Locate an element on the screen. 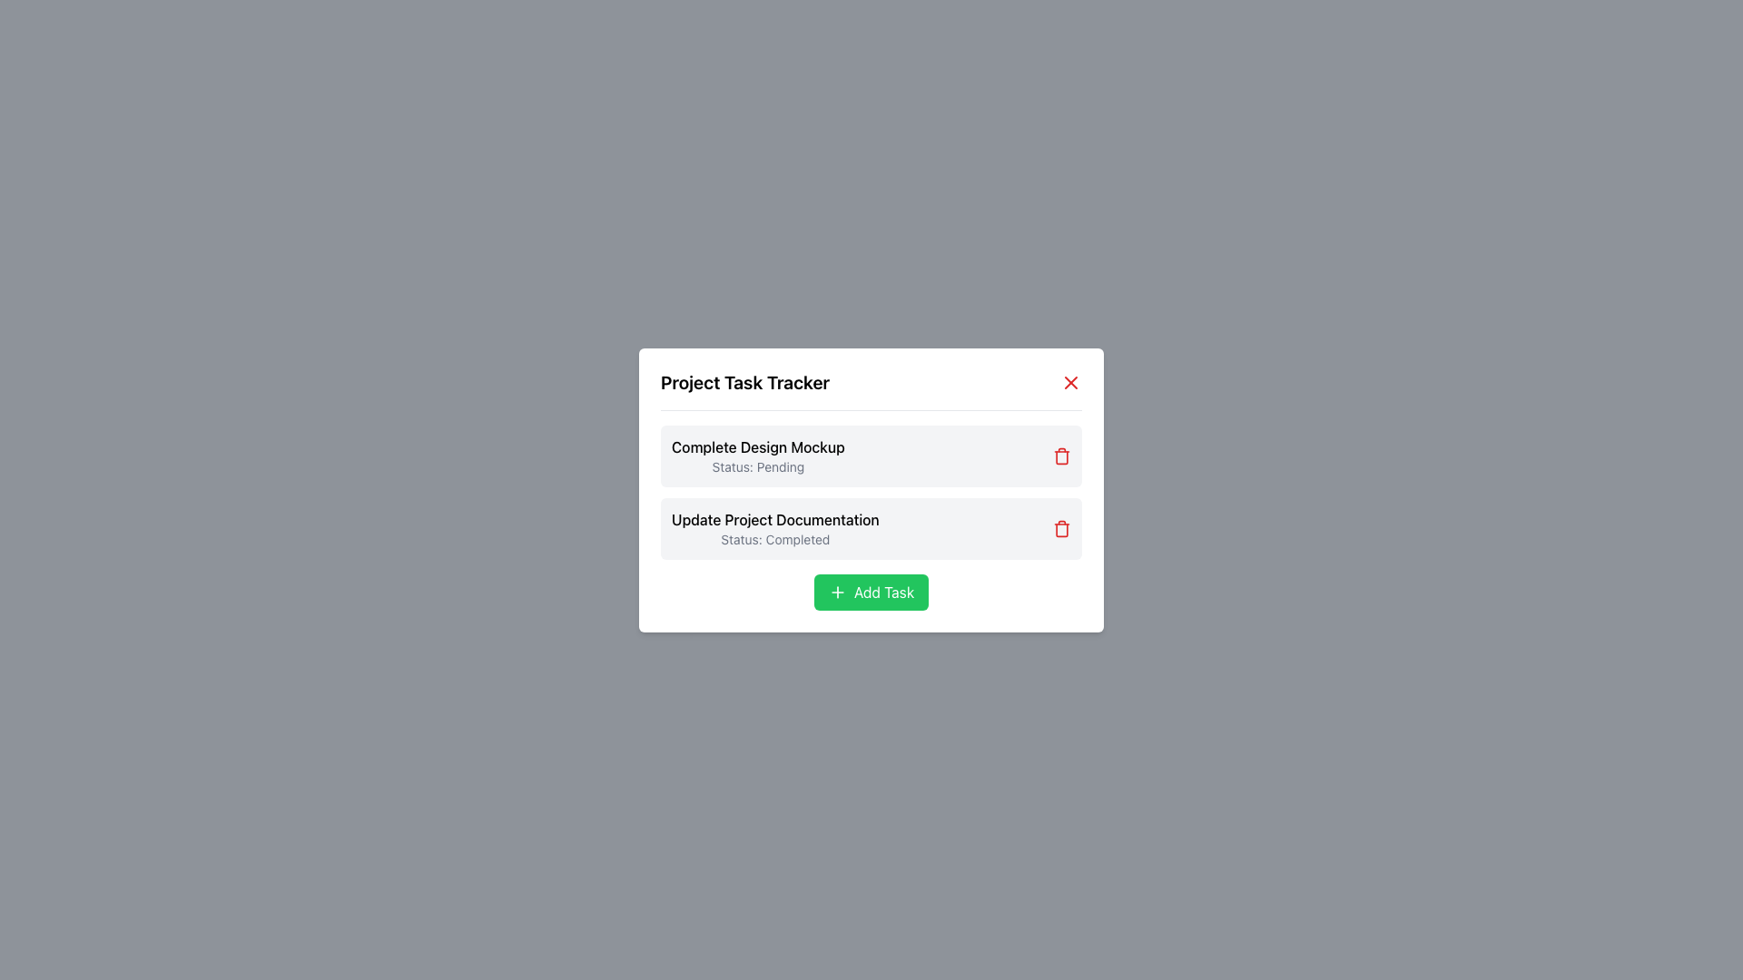  the Task Item Display located in the first row of the task list in the task manager interface, which shows the title and current status of a task is located at coordinates (758, 455).